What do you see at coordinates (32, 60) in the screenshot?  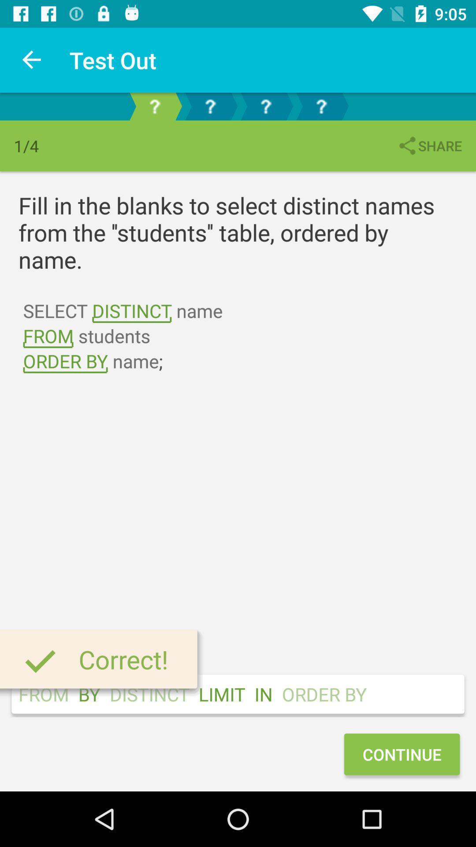 I see `icon to the left of test out` at bounding box center [32, 60].